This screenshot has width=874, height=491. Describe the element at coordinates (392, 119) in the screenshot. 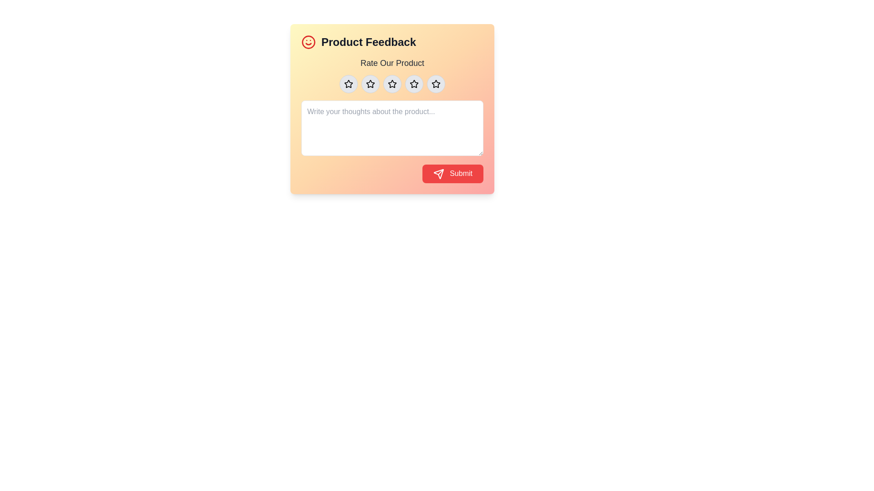

I see `the text input field located below the row of five star icons and above the red colored submit button` at that location.